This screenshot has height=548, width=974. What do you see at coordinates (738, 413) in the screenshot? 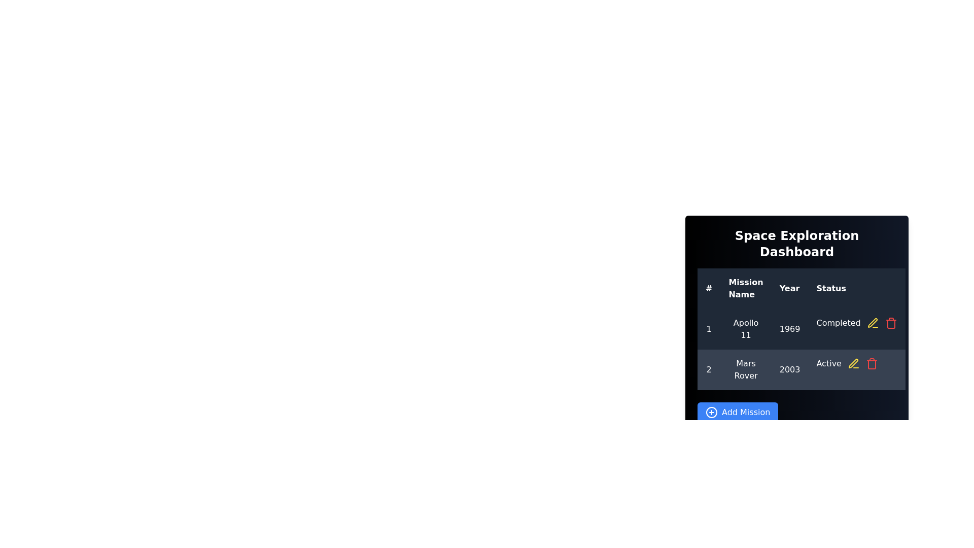
I see `the 'Add New Mission' button located at the bottom of the mission dashboard card to observe its hover effect` at bounding box center [738, 413].